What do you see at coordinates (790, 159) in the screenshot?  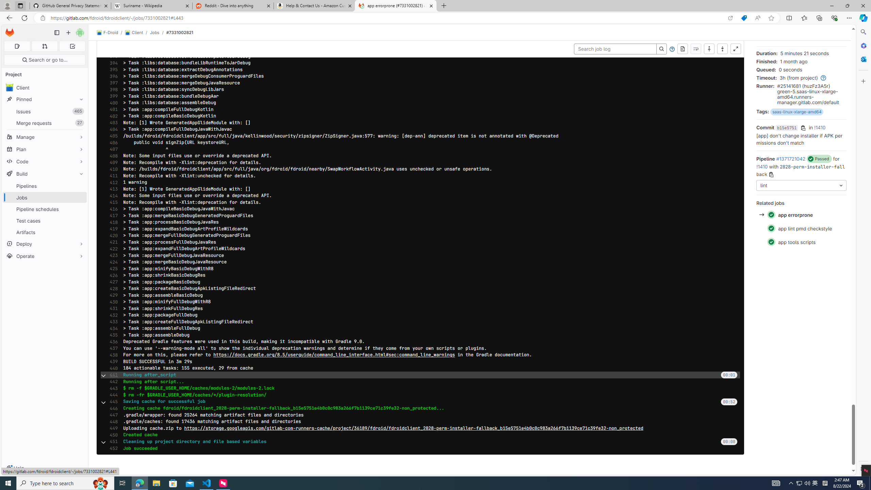 I see `'#1371721042'` at bounding box center [790, 159].